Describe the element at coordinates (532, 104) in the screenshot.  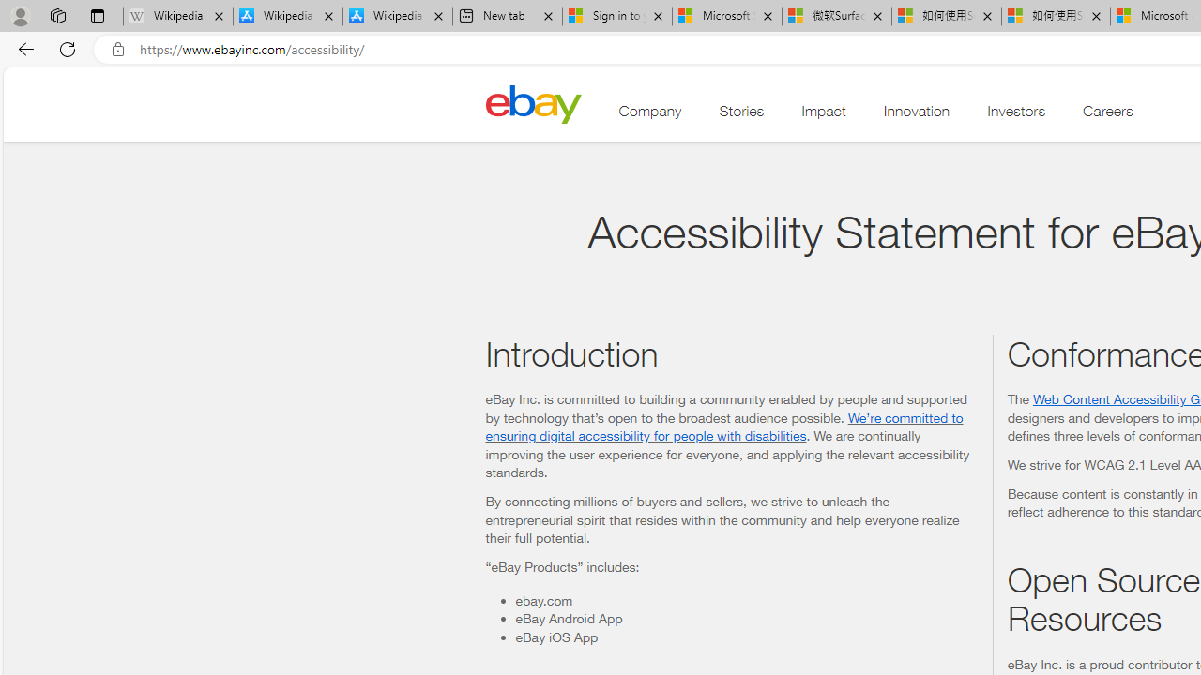
I see `'Class: desktop'` at that location.